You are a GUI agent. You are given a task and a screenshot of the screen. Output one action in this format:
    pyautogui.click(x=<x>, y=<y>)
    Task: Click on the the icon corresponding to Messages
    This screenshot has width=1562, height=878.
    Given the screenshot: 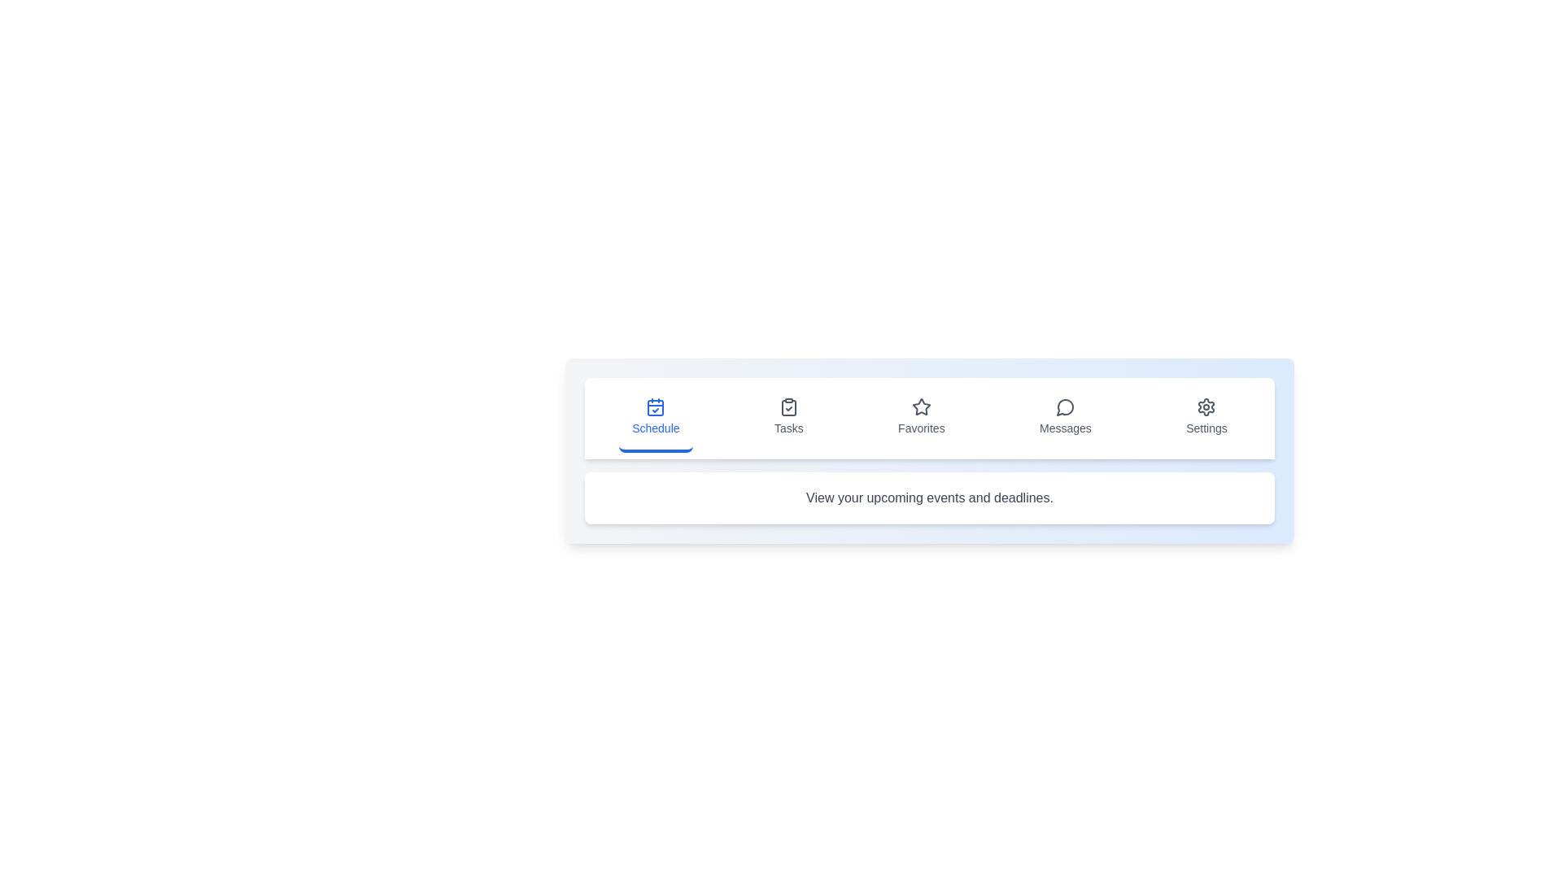 What is the action you would take?
    pyautogui.click(x=1066, y=418)
    